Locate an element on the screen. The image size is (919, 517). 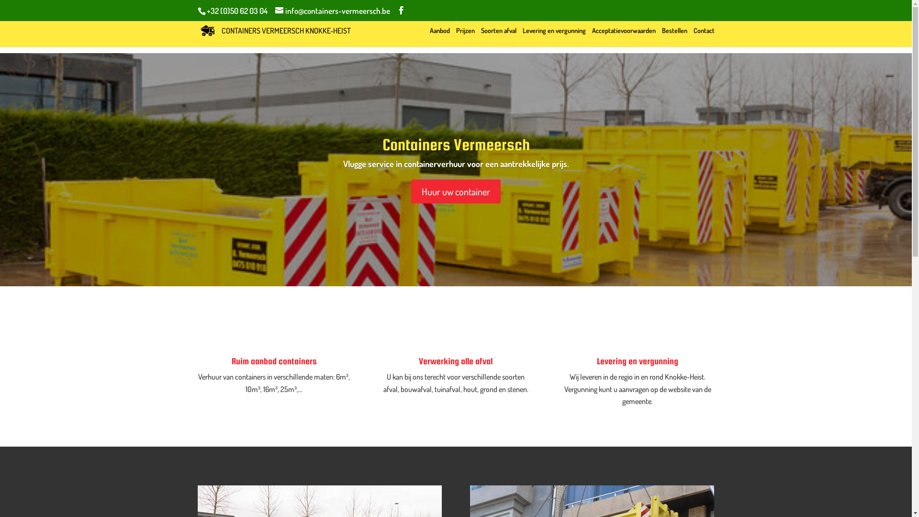
'Acceptatievoorwaarden' is located at coordinates (591, 36).